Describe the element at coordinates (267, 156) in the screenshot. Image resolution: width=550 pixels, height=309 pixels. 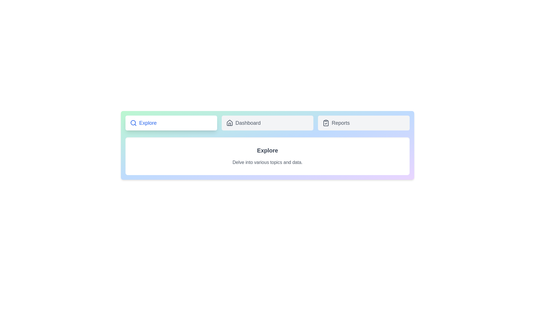
I see `the text content in the active tab to interact with it` at that location.